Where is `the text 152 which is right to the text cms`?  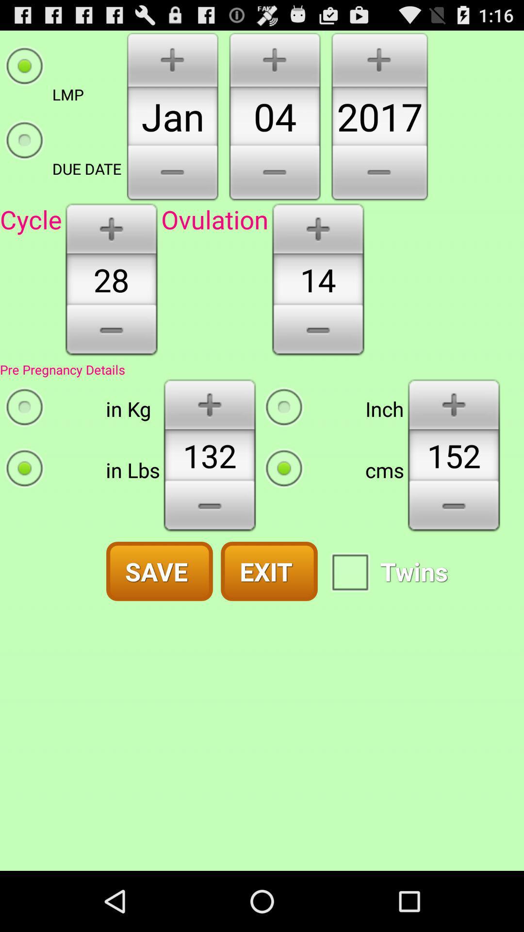
the text 152 which is right to the text cms is located at coordinates (454, 455).